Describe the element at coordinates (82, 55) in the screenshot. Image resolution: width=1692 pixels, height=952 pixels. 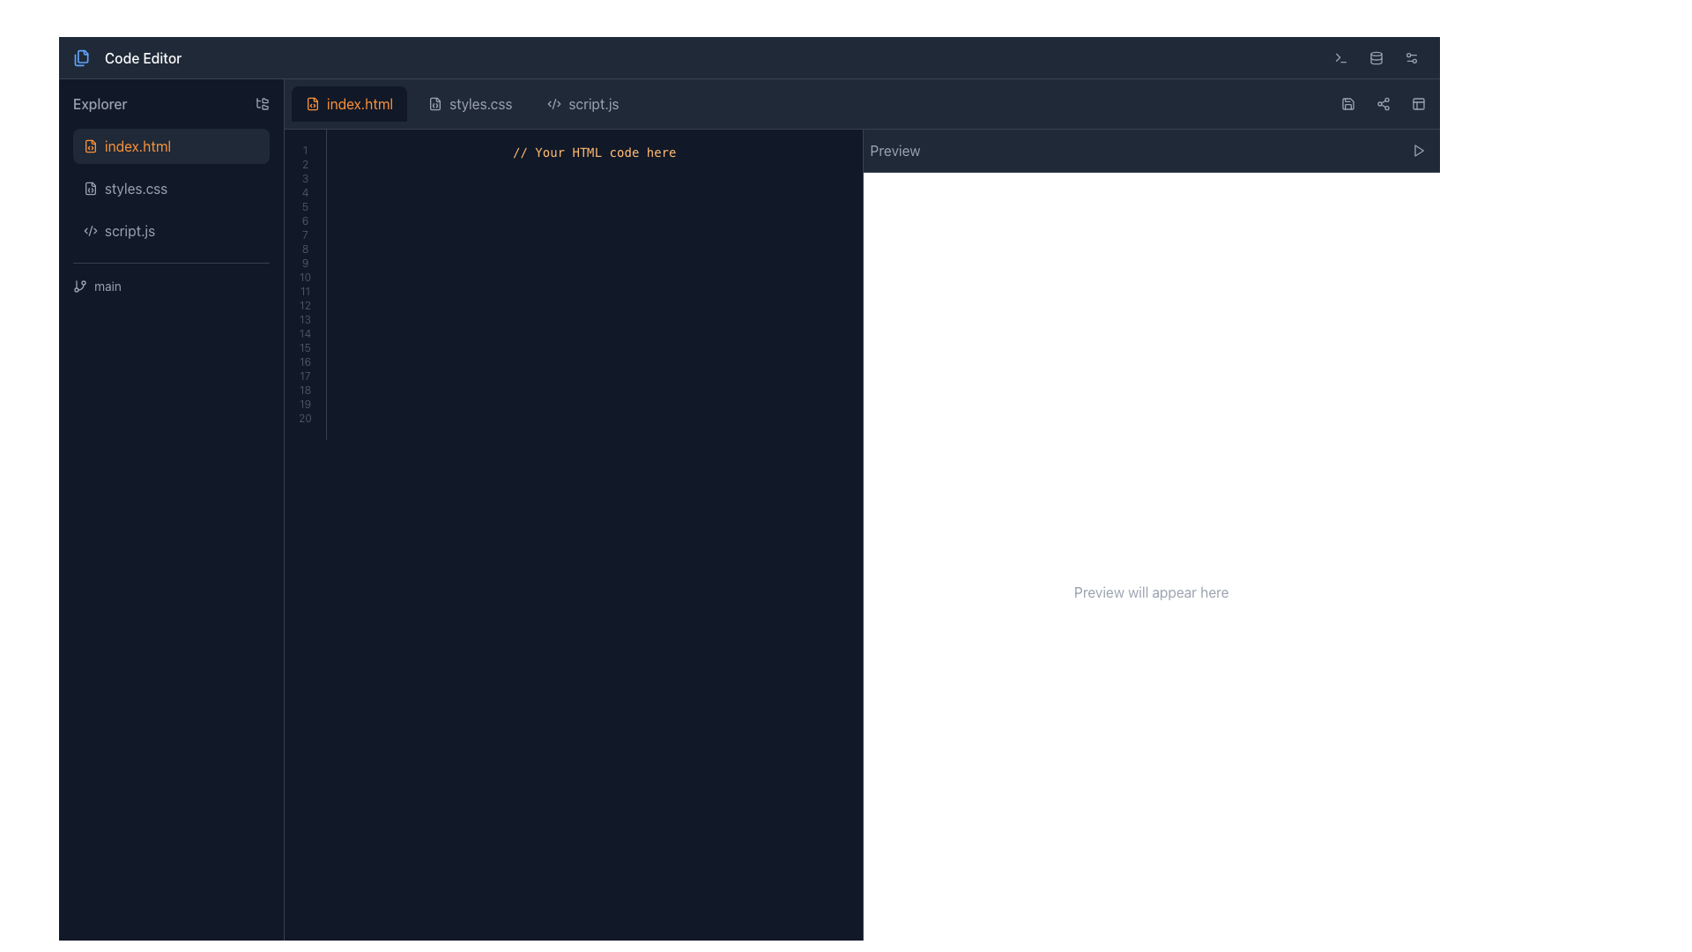
I see `the file icon located in the top-left section of the interface, specifically the second icon in the left sidebar's header area` at that location.